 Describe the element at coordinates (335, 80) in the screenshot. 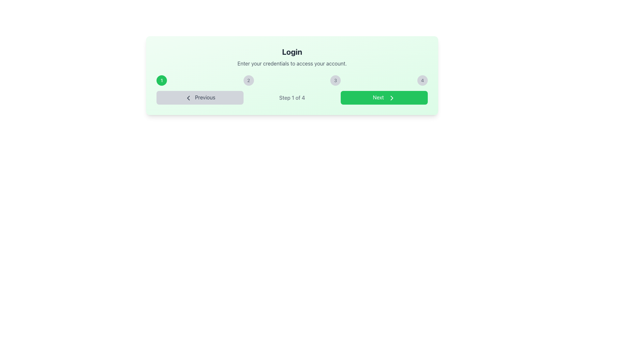

I see `the circular step indicator button labeled '3', which is part of a step indicator with a gray background and gray text, positioned as the third step in a sequence of four steps` at that location.